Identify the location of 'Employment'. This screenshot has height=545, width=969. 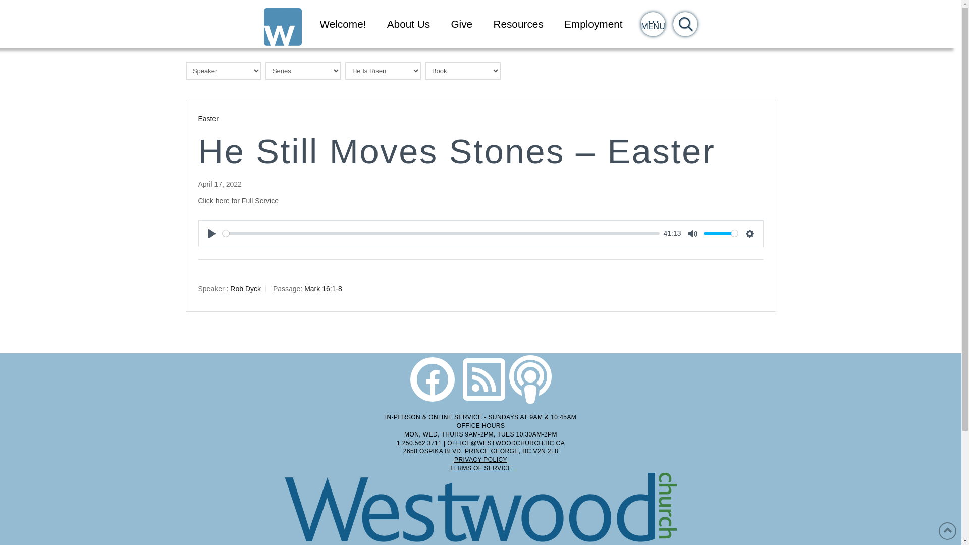
(593, 23).